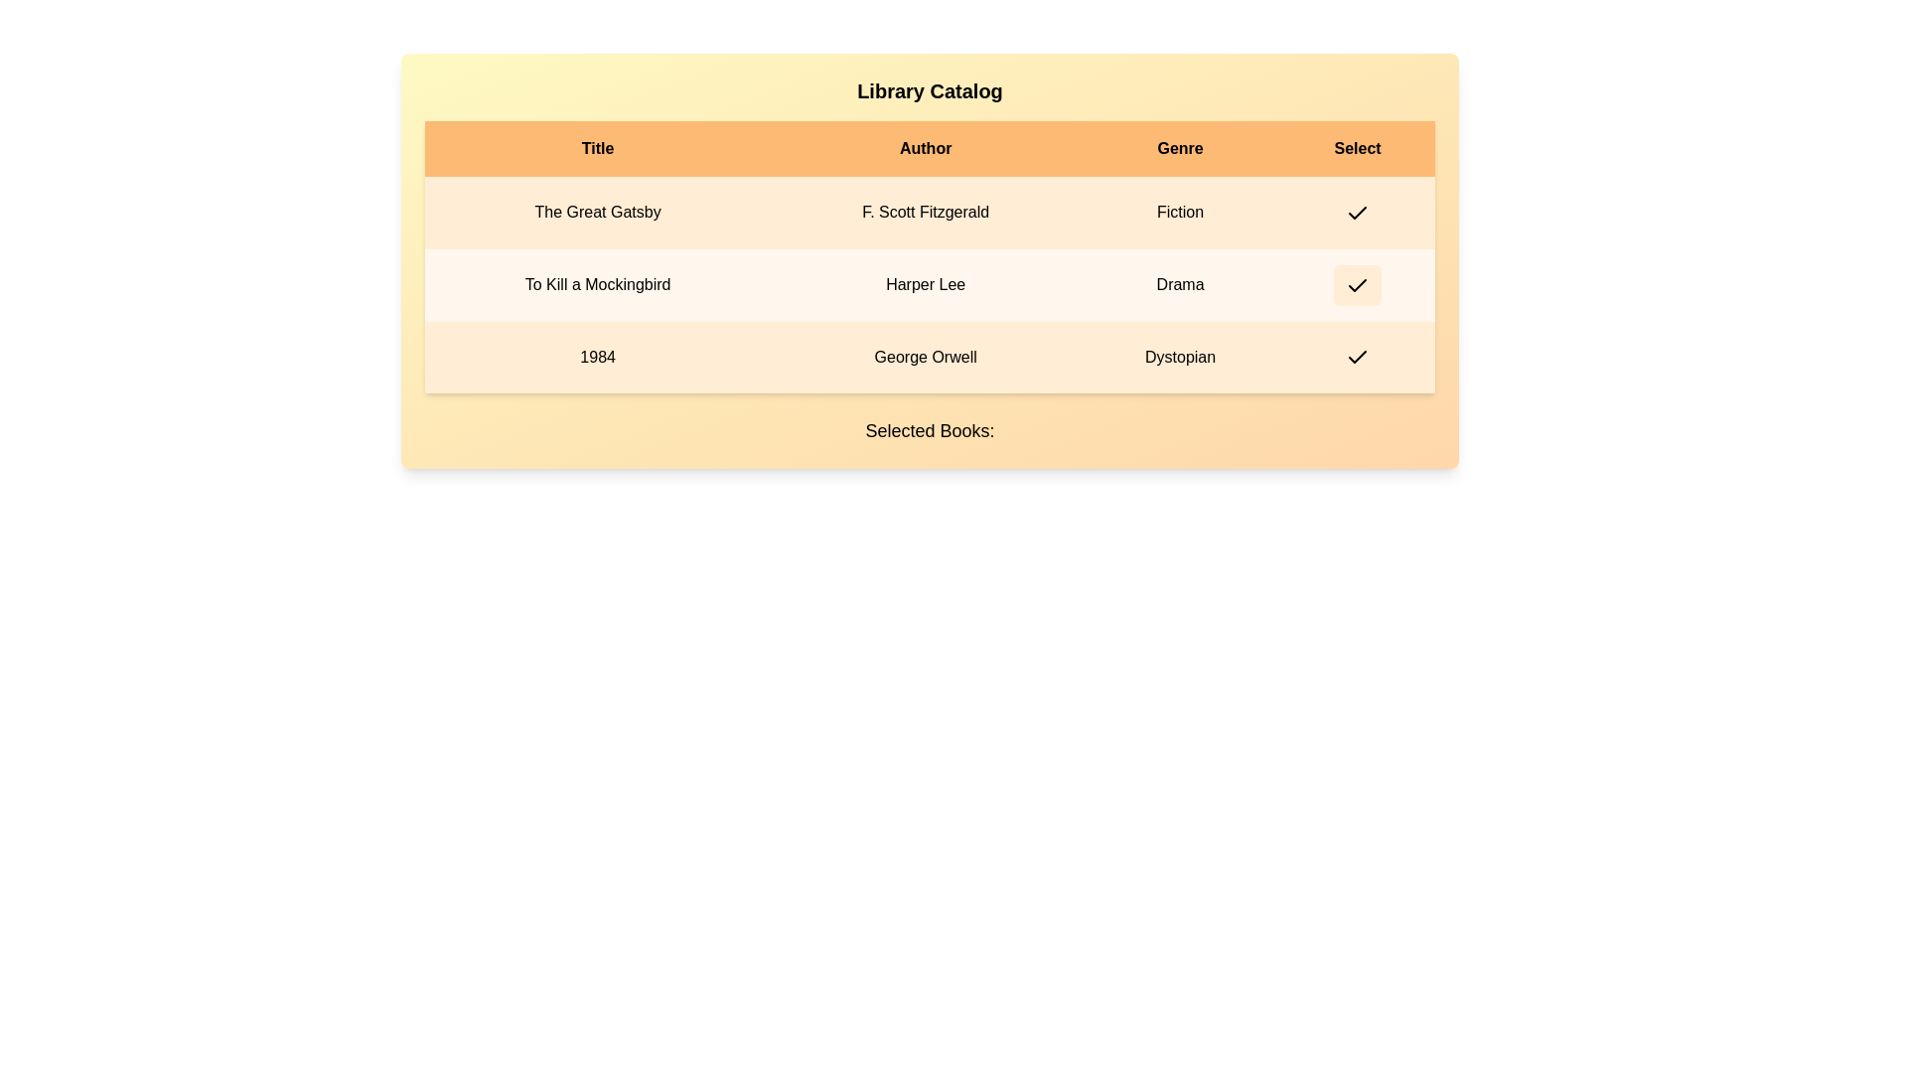 The image size is (1907, 1073). Describe the element at coordinates (1357, 285) in the screenshot. I see `the interactive checkmark button with a light orange background and black checkmark icon, located in the 'Select' column for 'To Kill a Mockingbird' in the second row of the table` at that location.